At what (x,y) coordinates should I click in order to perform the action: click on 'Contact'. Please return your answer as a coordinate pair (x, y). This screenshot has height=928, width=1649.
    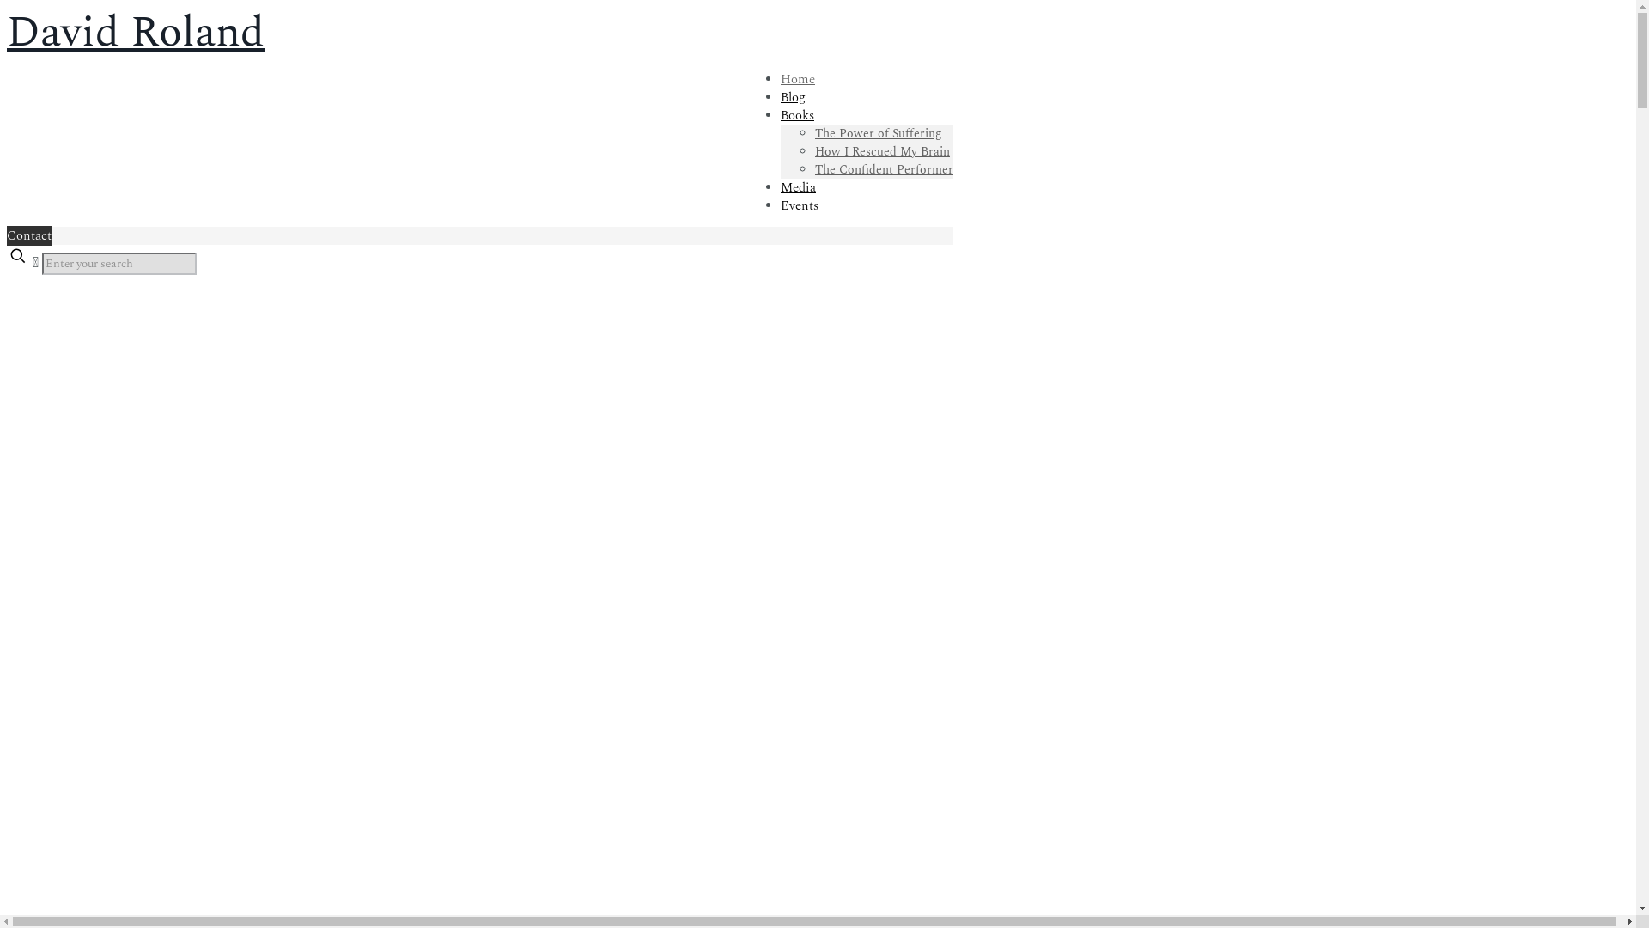
    Looking at the image, I should click on (7, 235).